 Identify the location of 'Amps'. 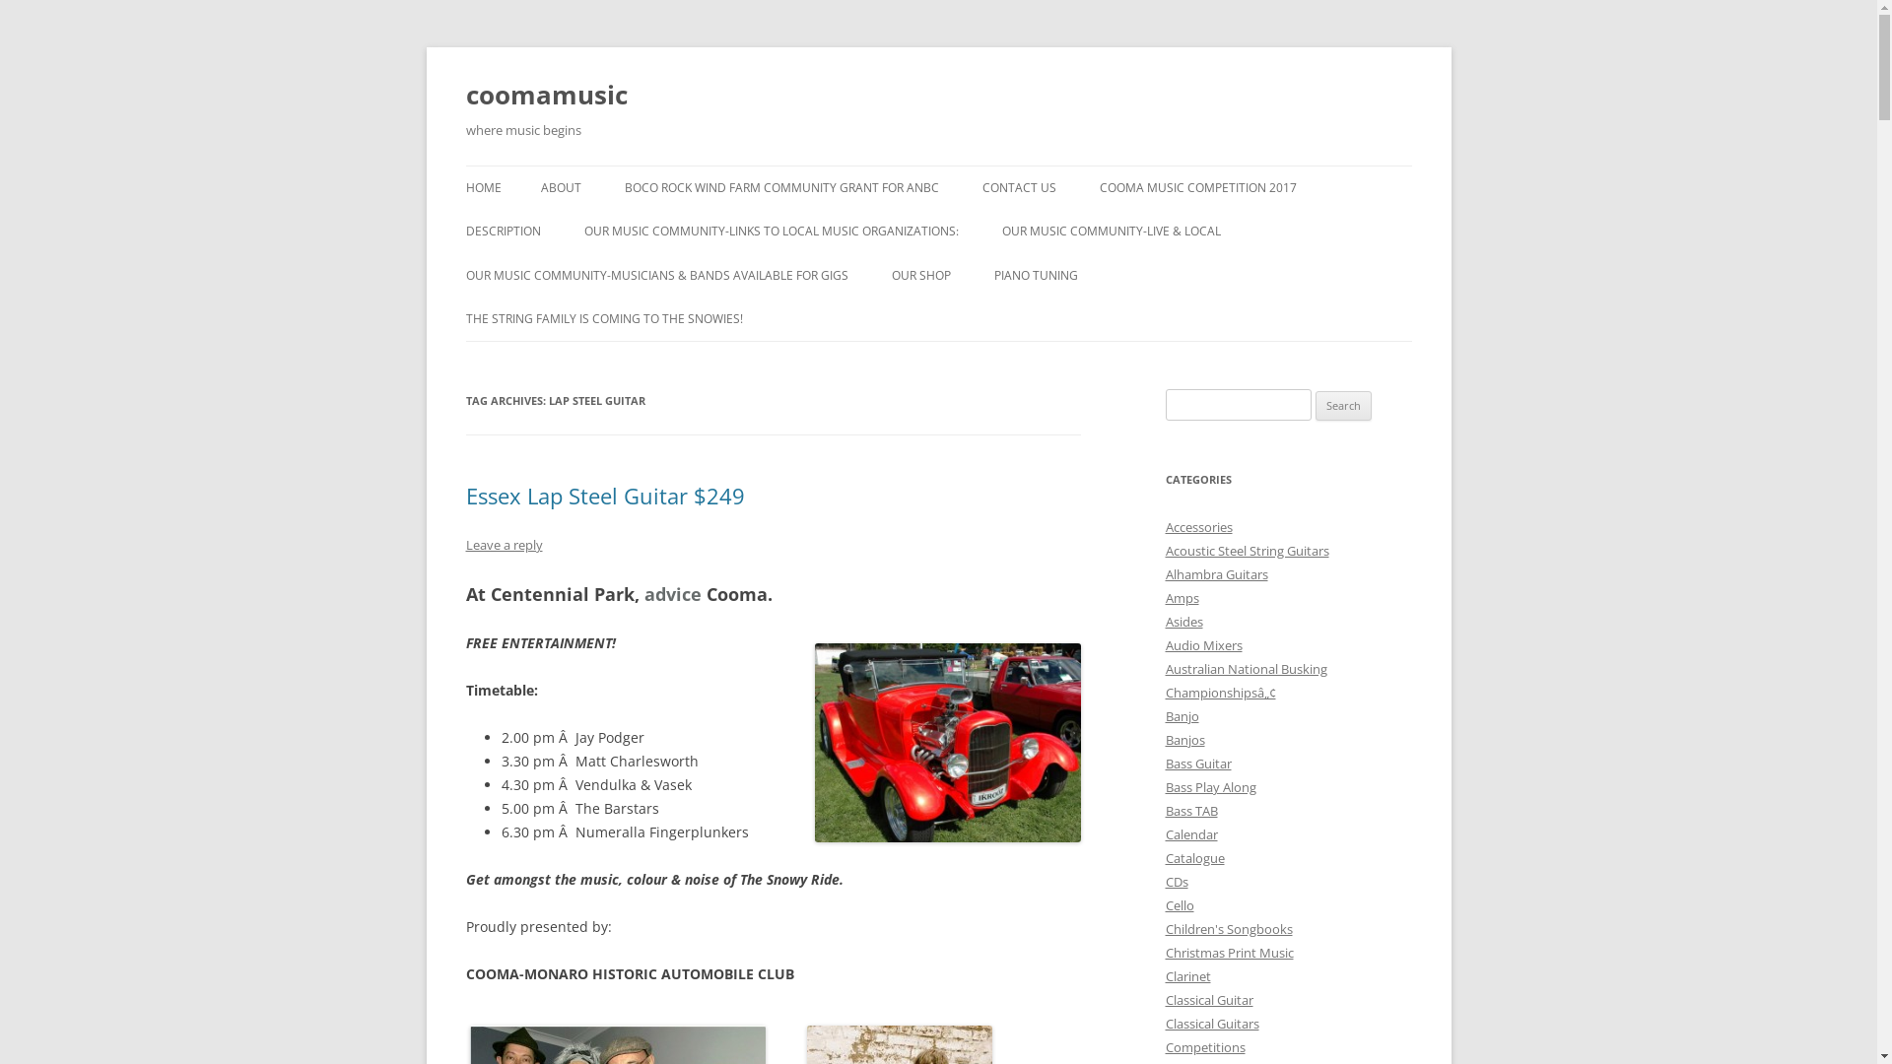
(1164, 596).